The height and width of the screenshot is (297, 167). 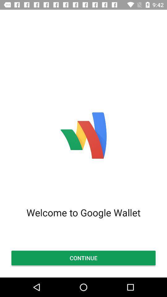 I want to click on the continue, so click(x=83, y=258).